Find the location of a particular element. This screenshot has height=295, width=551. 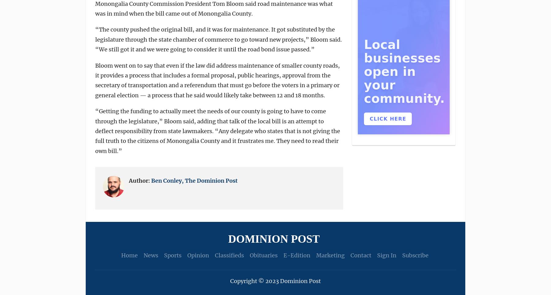

'Copyright © 2023 Dominion Post' is located at coordinates (230, 280).